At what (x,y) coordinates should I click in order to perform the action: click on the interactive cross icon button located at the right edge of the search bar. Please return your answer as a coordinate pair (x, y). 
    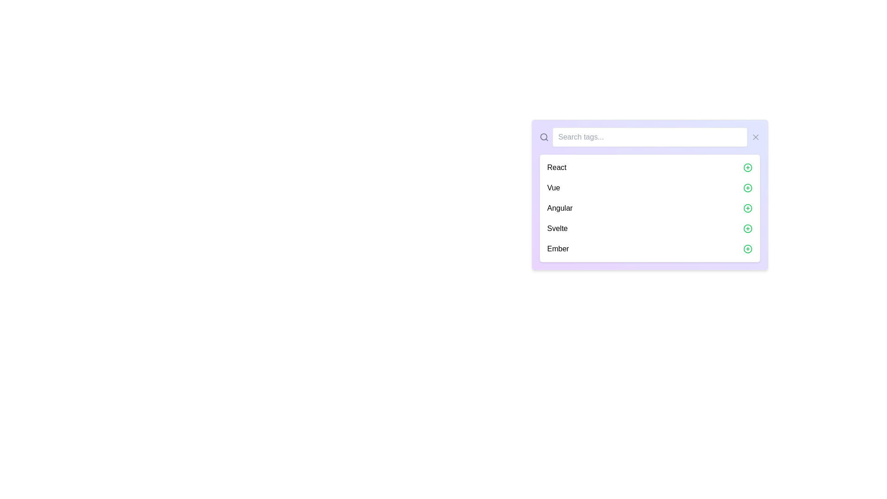
    Looking at the image, I should click on (755, 137).